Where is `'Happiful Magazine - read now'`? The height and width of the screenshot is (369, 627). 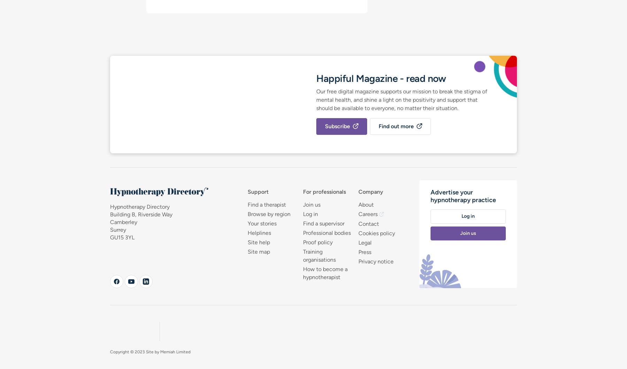 'Happiful Magazine - read now' is located at coordinates (381, 78).